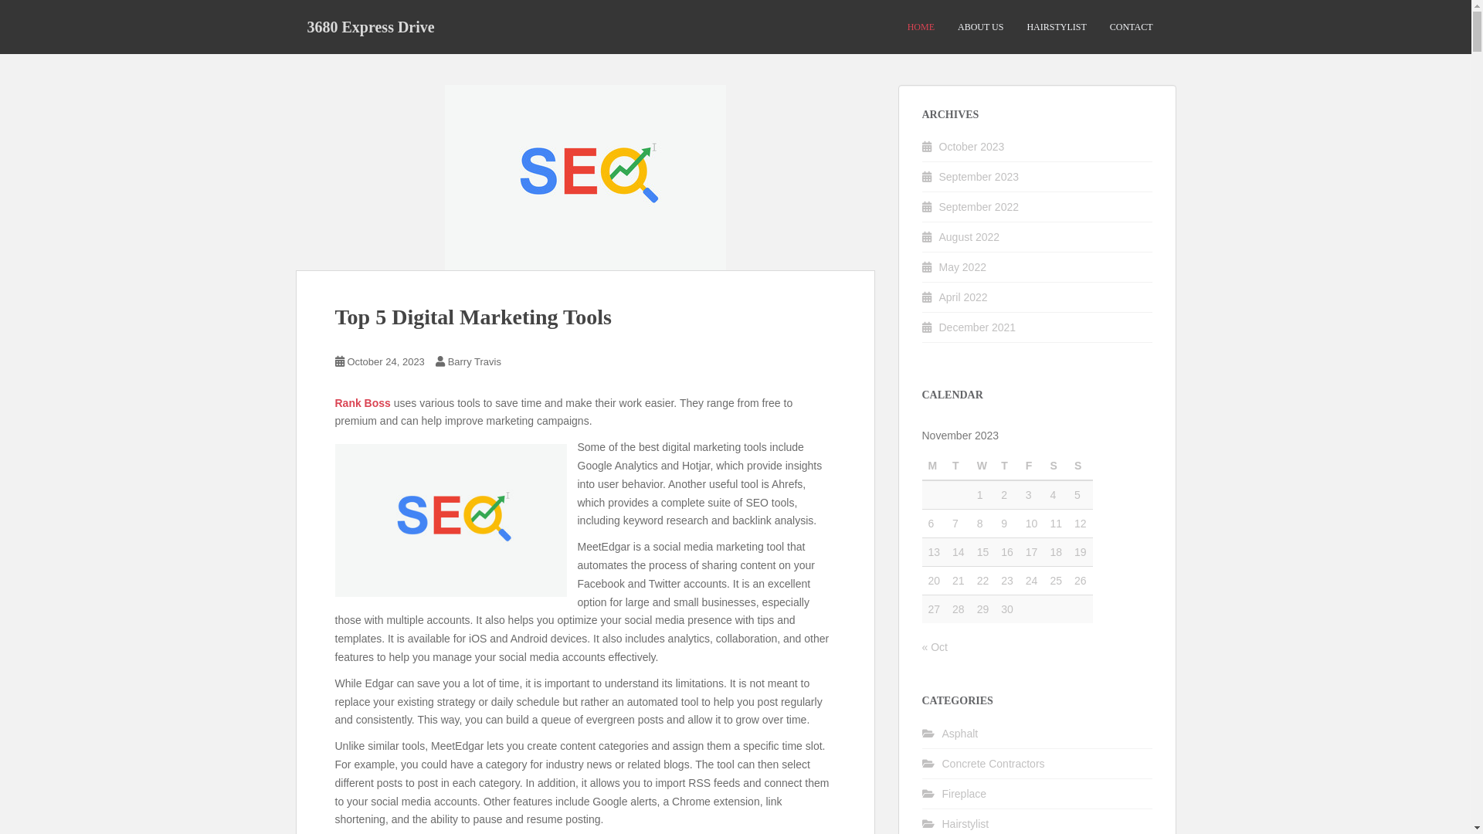  Describe the element at coordinates (369, 26) in the screenshot. I see `'3680 Express Drive'` at that location.